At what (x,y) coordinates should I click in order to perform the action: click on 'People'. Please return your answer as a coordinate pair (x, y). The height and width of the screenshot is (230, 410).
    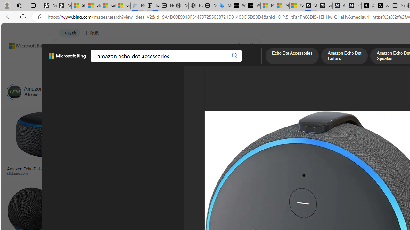
    Looking at the image, I should click on (167, 75).